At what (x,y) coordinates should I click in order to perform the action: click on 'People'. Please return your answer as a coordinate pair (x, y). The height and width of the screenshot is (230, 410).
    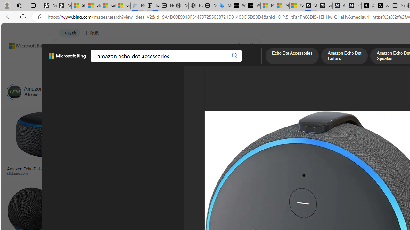
    Looking at the image, I should click on (167, 75).